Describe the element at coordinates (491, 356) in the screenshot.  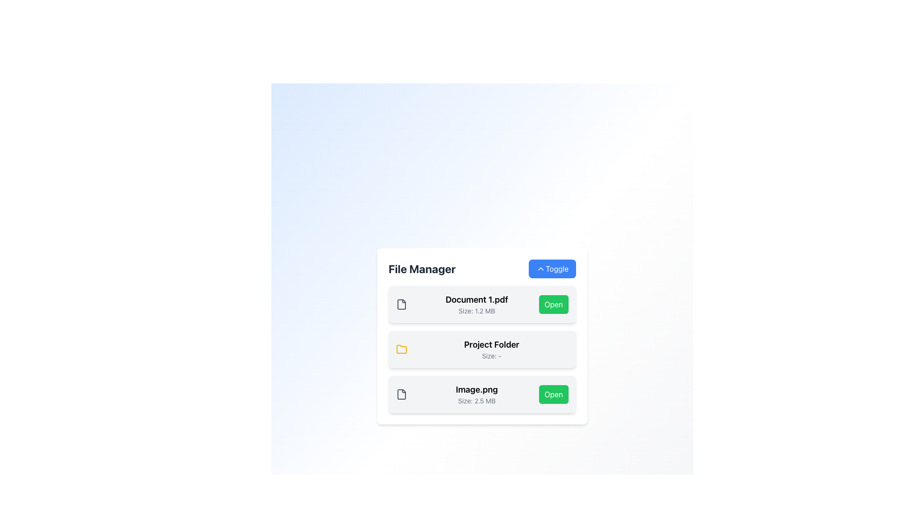
I see `text content of the Text Label that displays the size information of the associated folder, located beneath the 'Project Folder' label in the second item of the vertical list` at that location.